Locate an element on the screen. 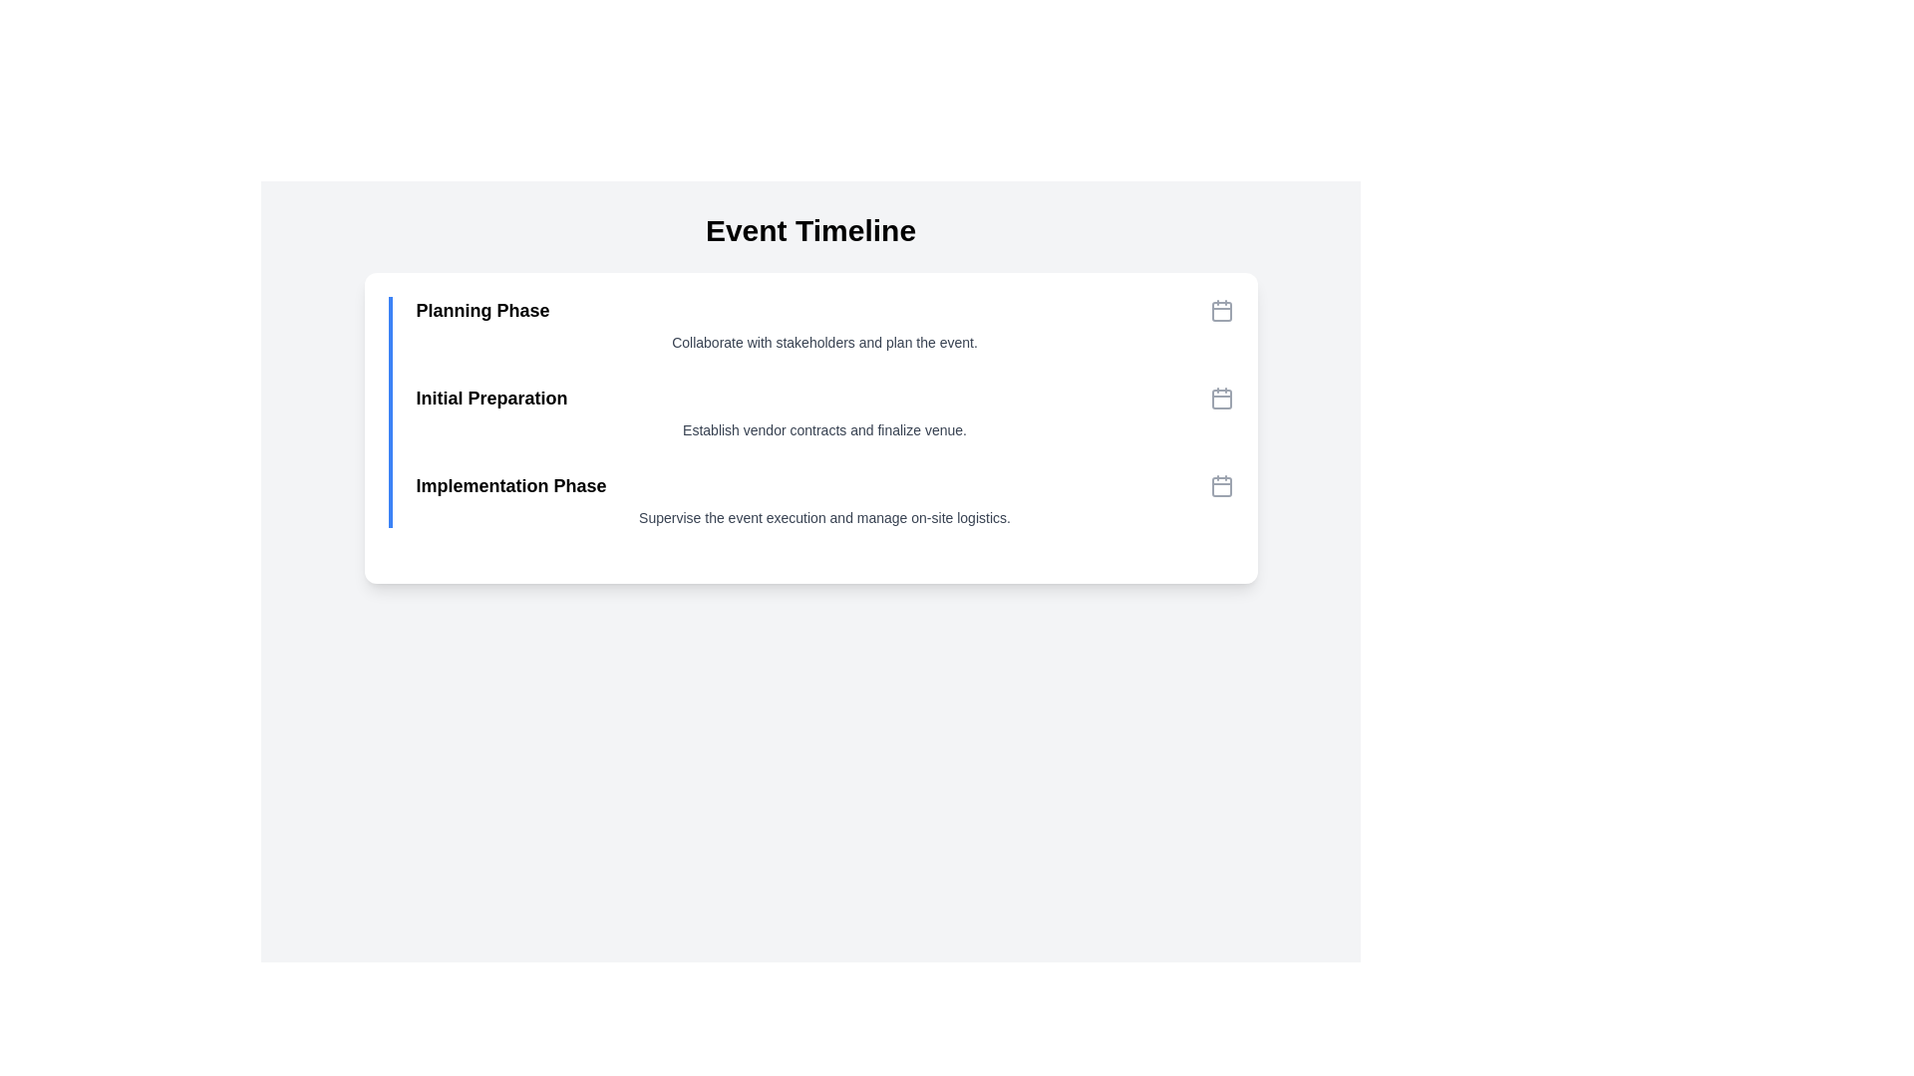 The height and width of the screenshot is (1076, 1914). the third calendar icon located to the right of the 'Implementation Phase' text in the timeline list is located at coordinates (1220, 486).